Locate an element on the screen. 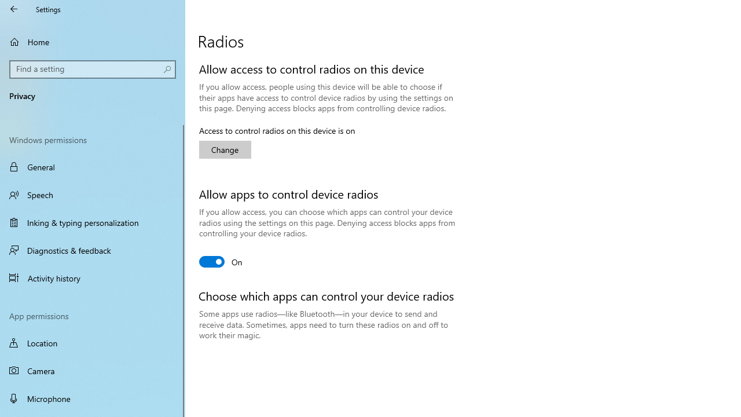 Image resolution: width=741 pixels, height=417 pixels. 'General' is located at coordinates (93, 167).